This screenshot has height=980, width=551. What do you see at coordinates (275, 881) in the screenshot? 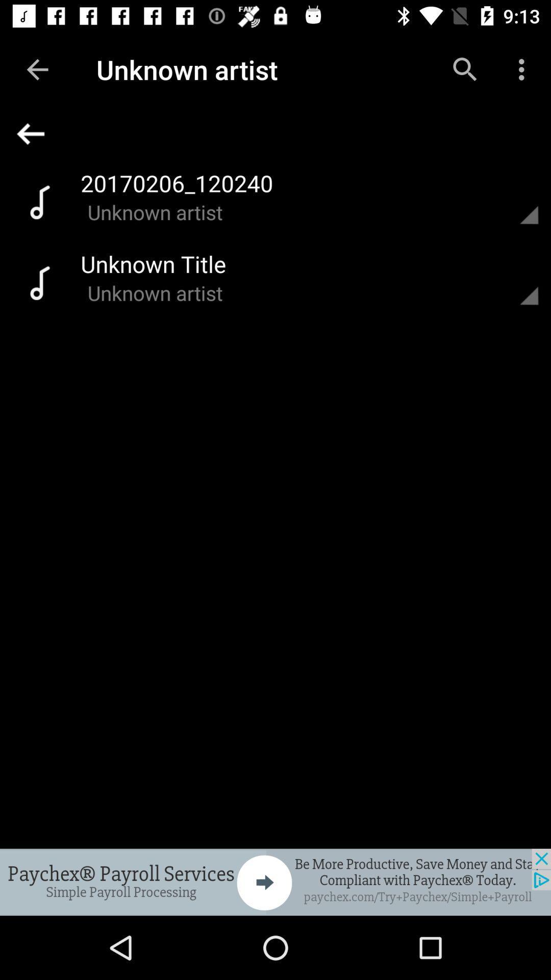
I see `click on advertisement` at bounding box center [275, 881].